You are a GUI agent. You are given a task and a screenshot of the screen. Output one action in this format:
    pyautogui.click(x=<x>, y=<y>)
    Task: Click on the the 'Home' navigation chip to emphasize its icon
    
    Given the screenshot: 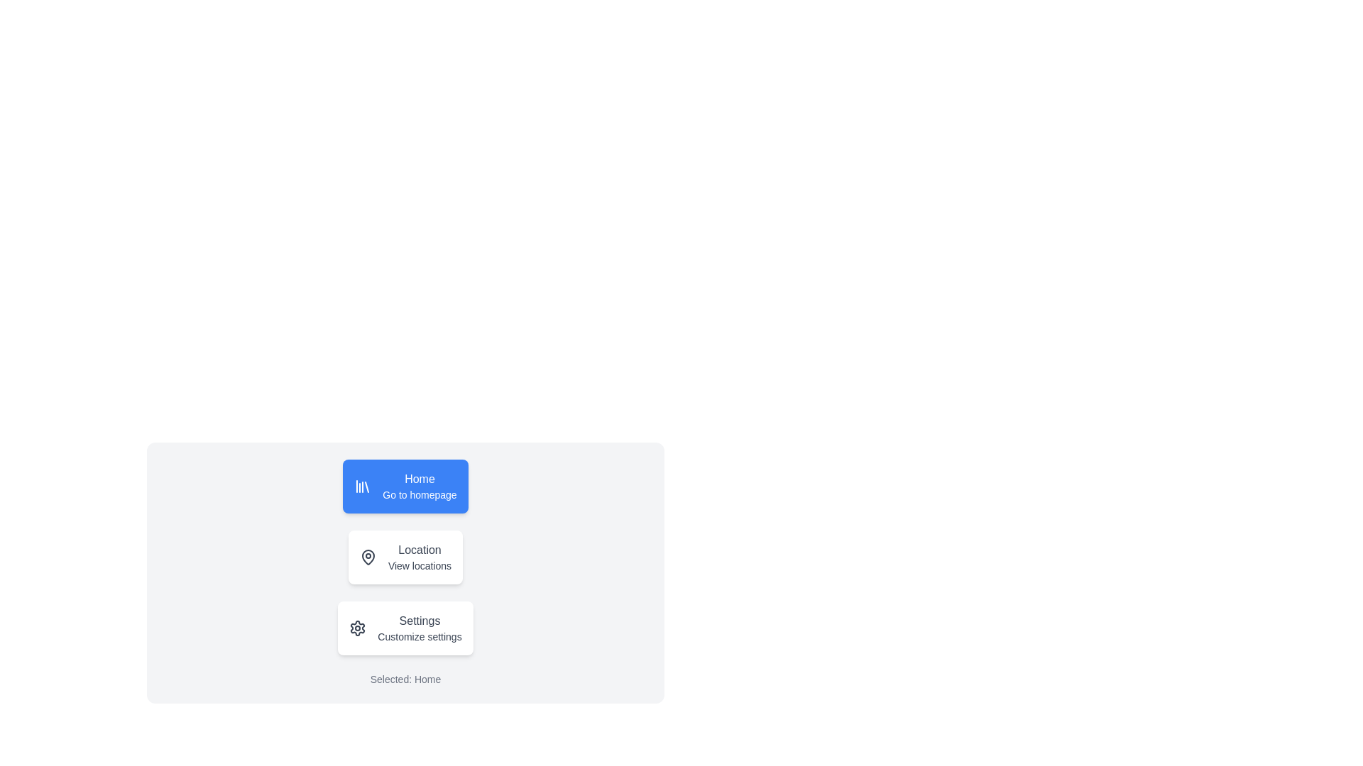 What is the action you would take?
    pyautogui.click(x=362, y=486)
    